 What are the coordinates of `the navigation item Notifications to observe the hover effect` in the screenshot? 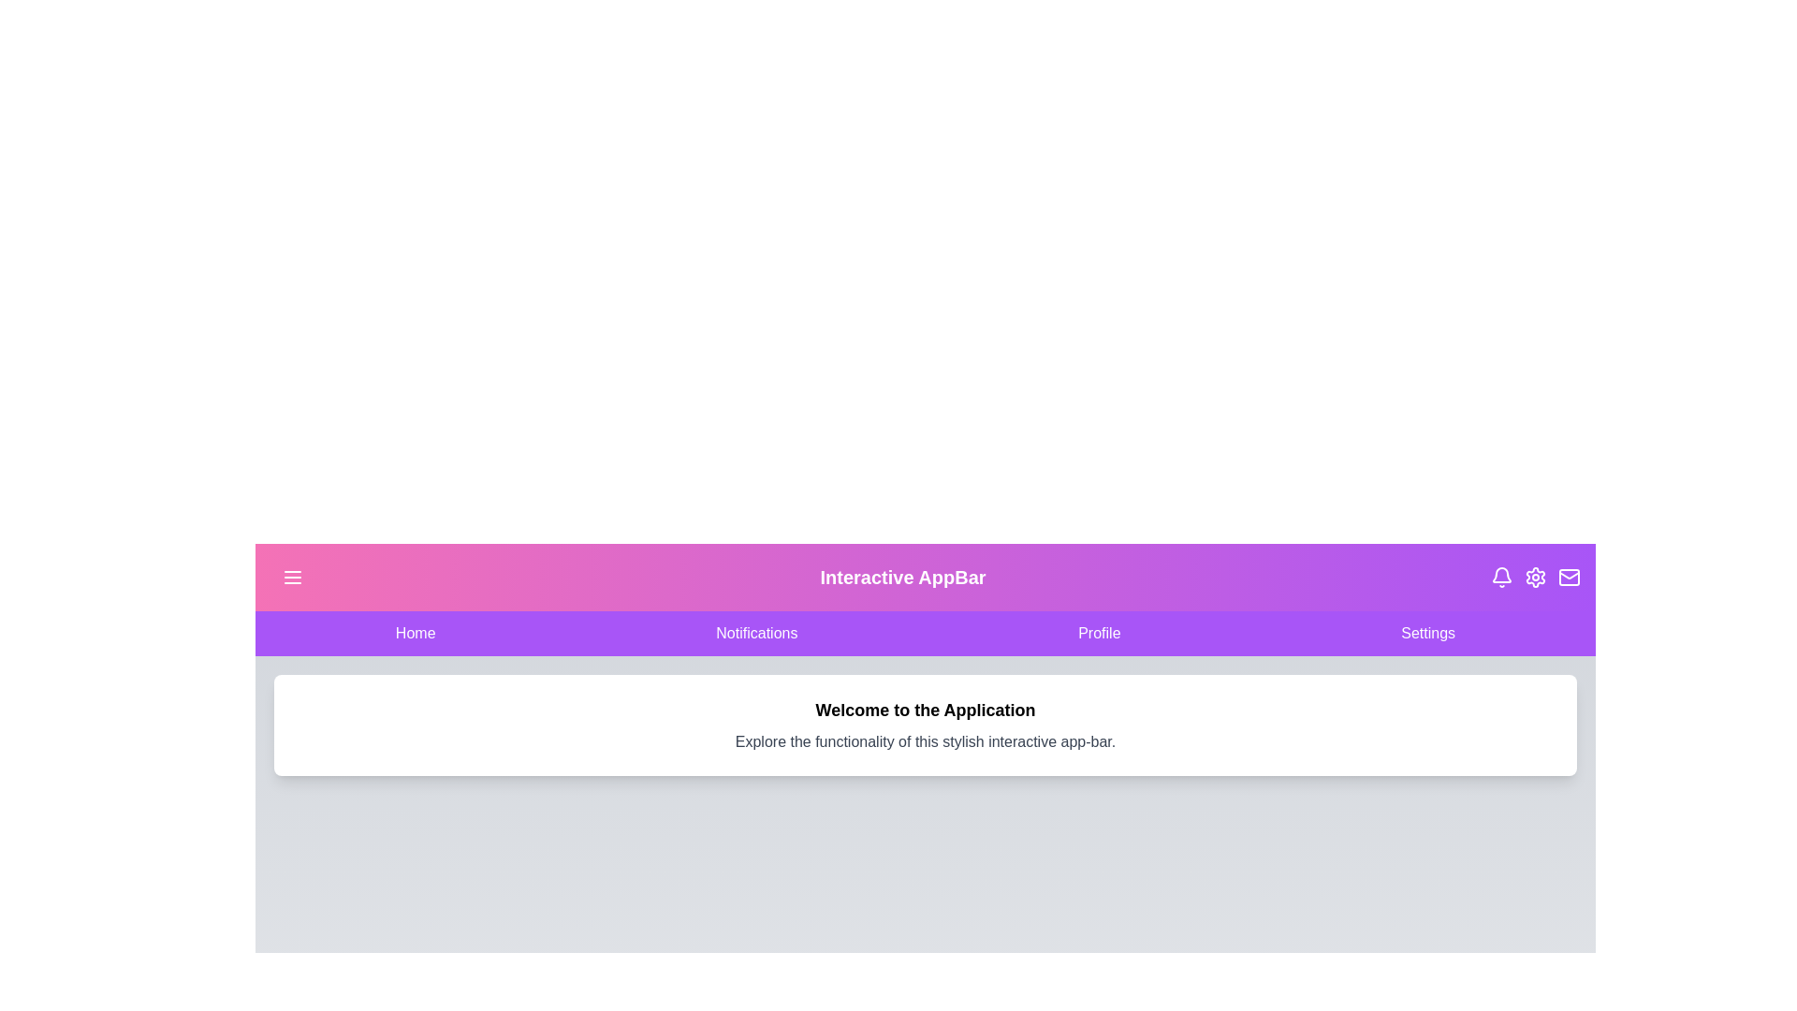 It's located at (757, 633).